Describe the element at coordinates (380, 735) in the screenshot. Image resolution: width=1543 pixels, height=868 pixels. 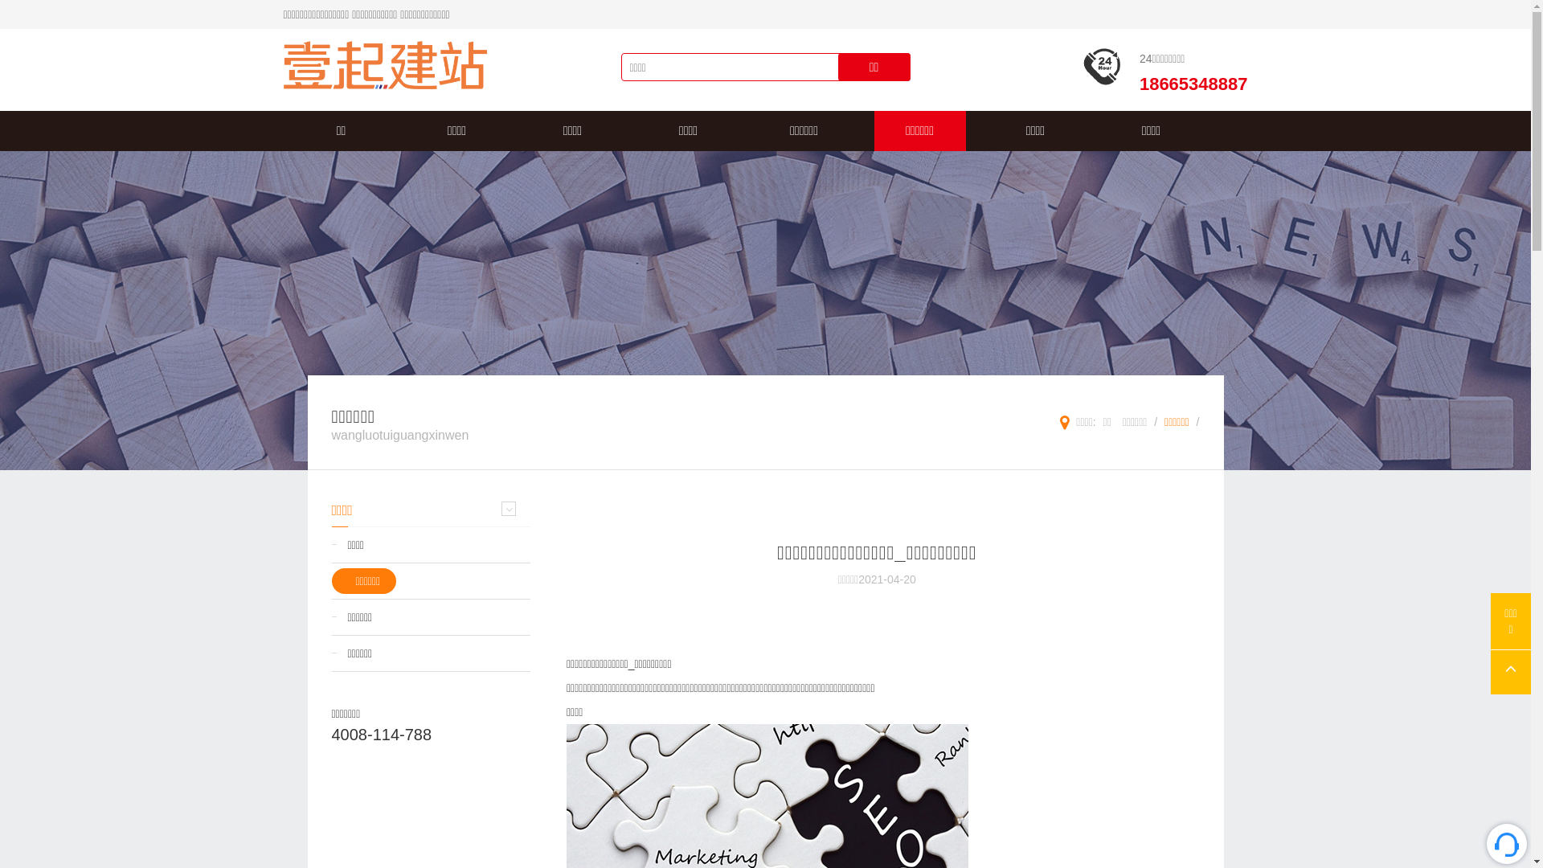
I see `'4008-114-788'` at that location.